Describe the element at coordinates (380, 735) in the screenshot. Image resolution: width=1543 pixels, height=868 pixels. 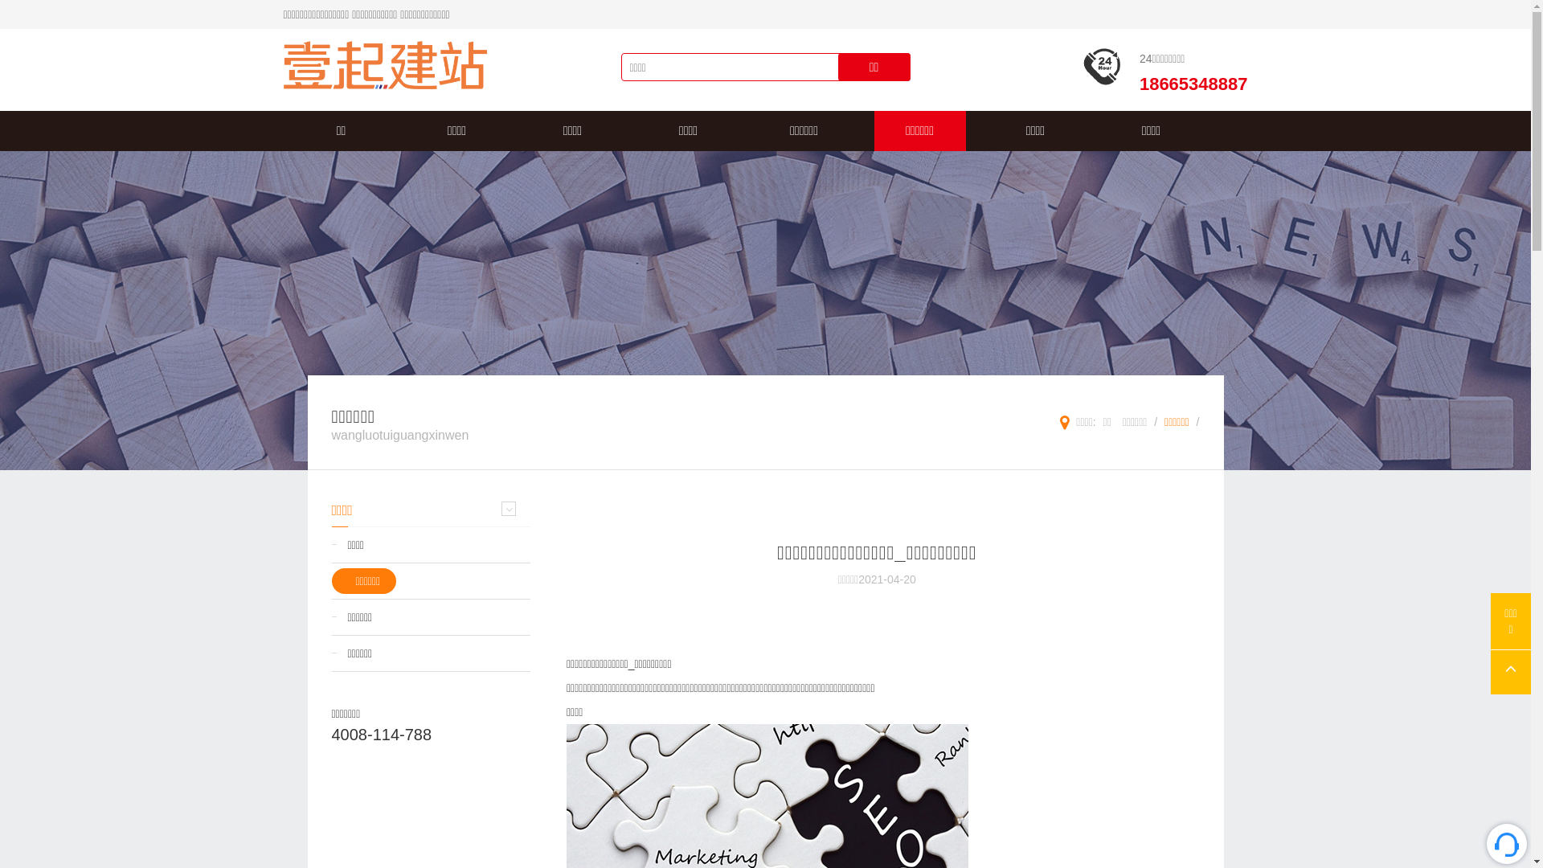
I see `'4008-114-788'` at that location.